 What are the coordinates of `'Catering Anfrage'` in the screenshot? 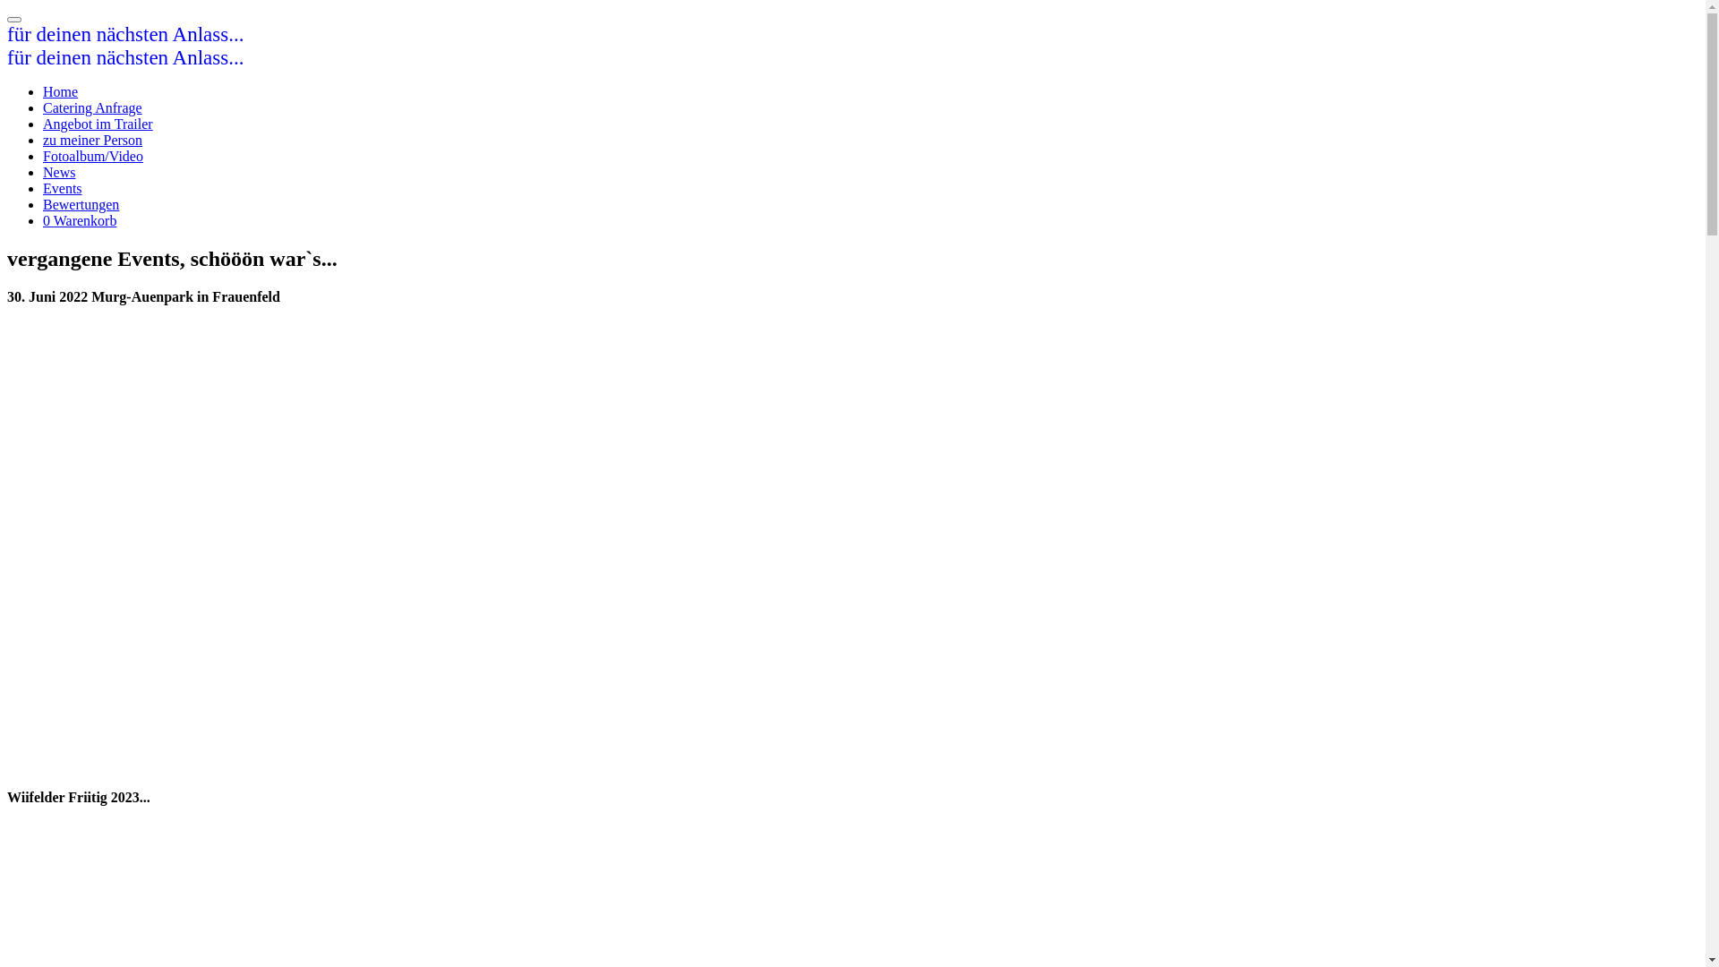 It's located at (91, 107).